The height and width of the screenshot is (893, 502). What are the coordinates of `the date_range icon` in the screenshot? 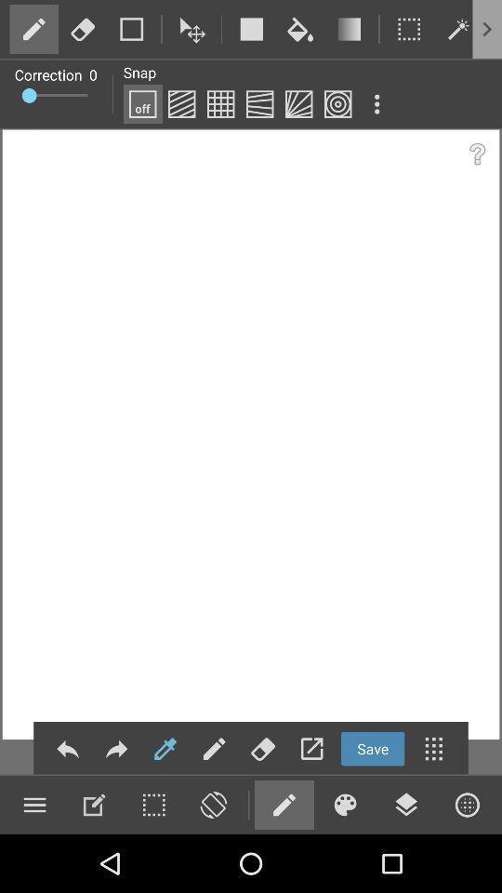 It's located at (152, 804).